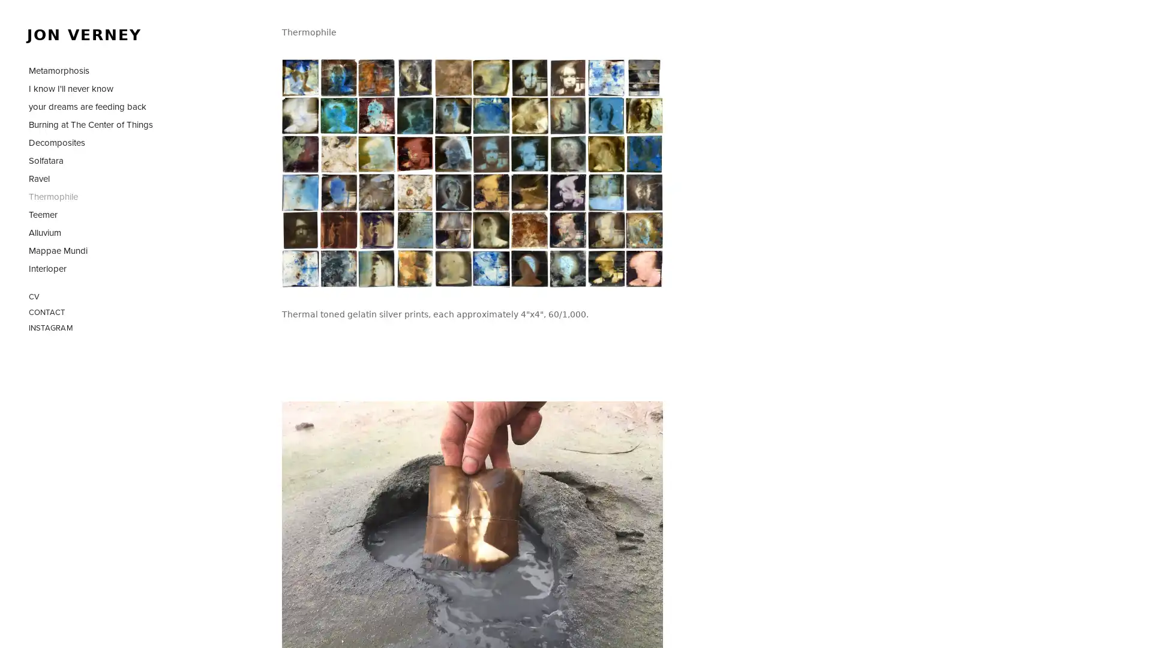  Describe the element at coordinates (300, 77) in the screenshot. I see `View fullsize jon_verney_thermophile_2.jpg` at that location.